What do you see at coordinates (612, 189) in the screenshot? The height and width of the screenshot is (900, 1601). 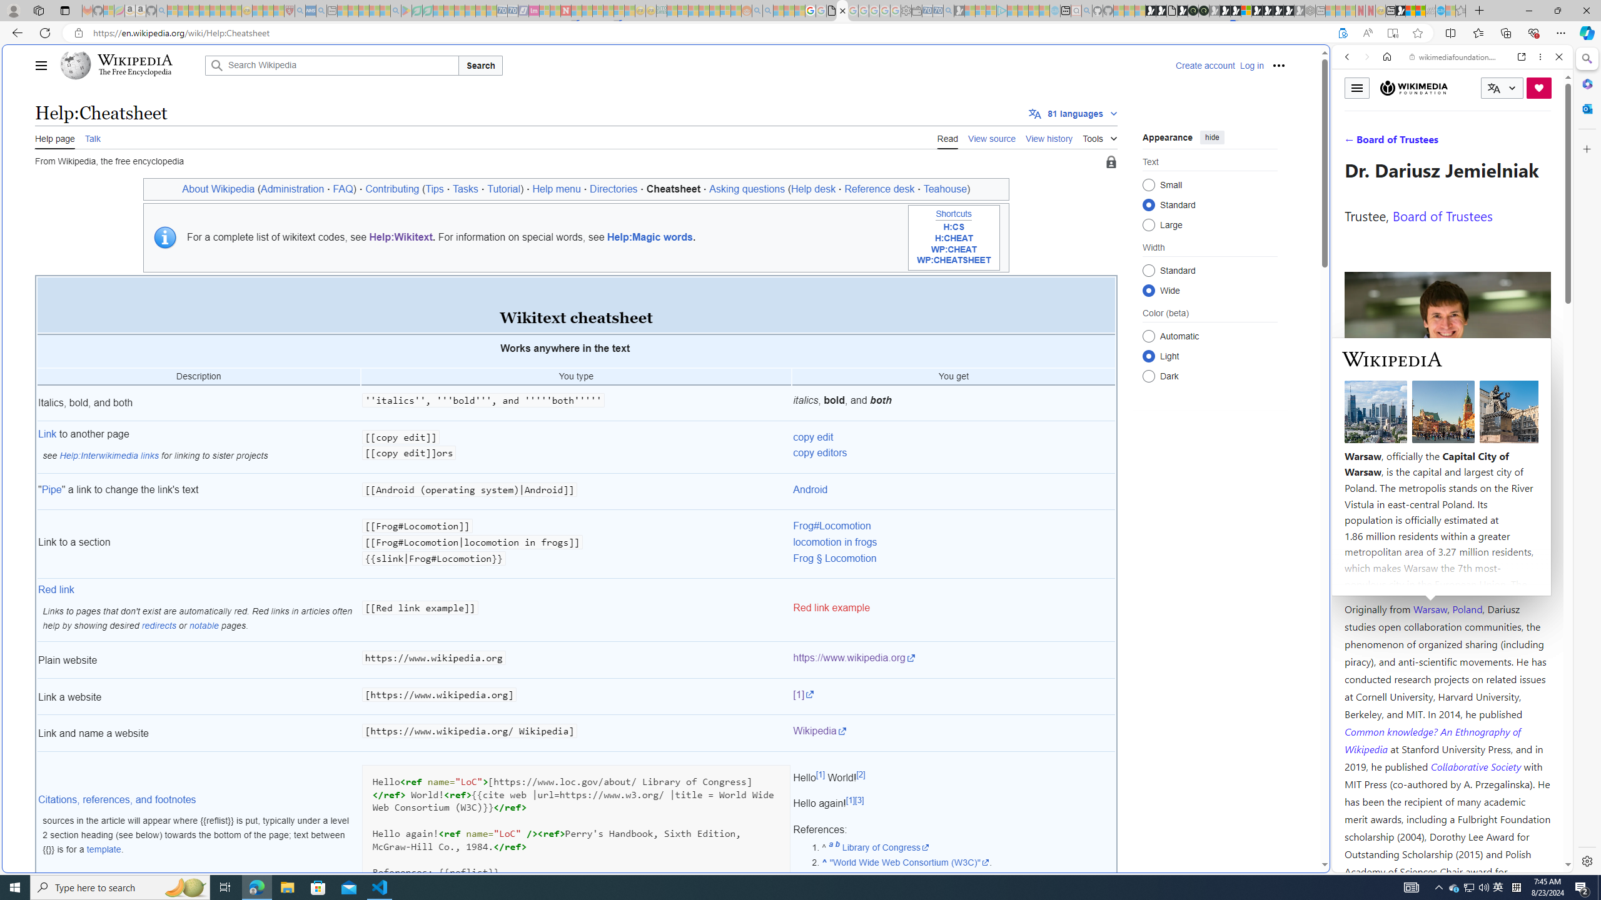 I see `'Directories'` at bounding box center [612, 189].